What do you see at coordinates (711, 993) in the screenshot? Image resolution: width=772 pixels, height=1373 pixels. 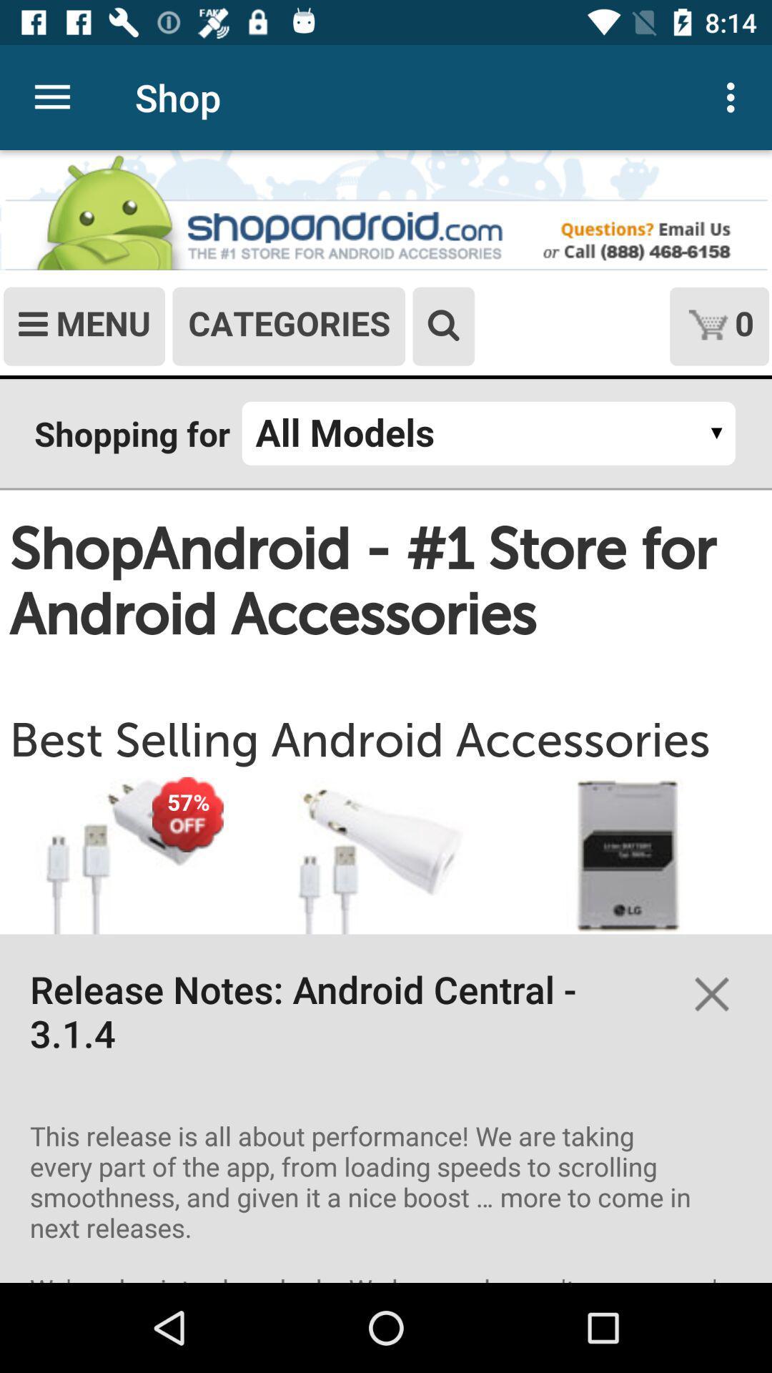 I see `button` at bounding box center [711, 993].